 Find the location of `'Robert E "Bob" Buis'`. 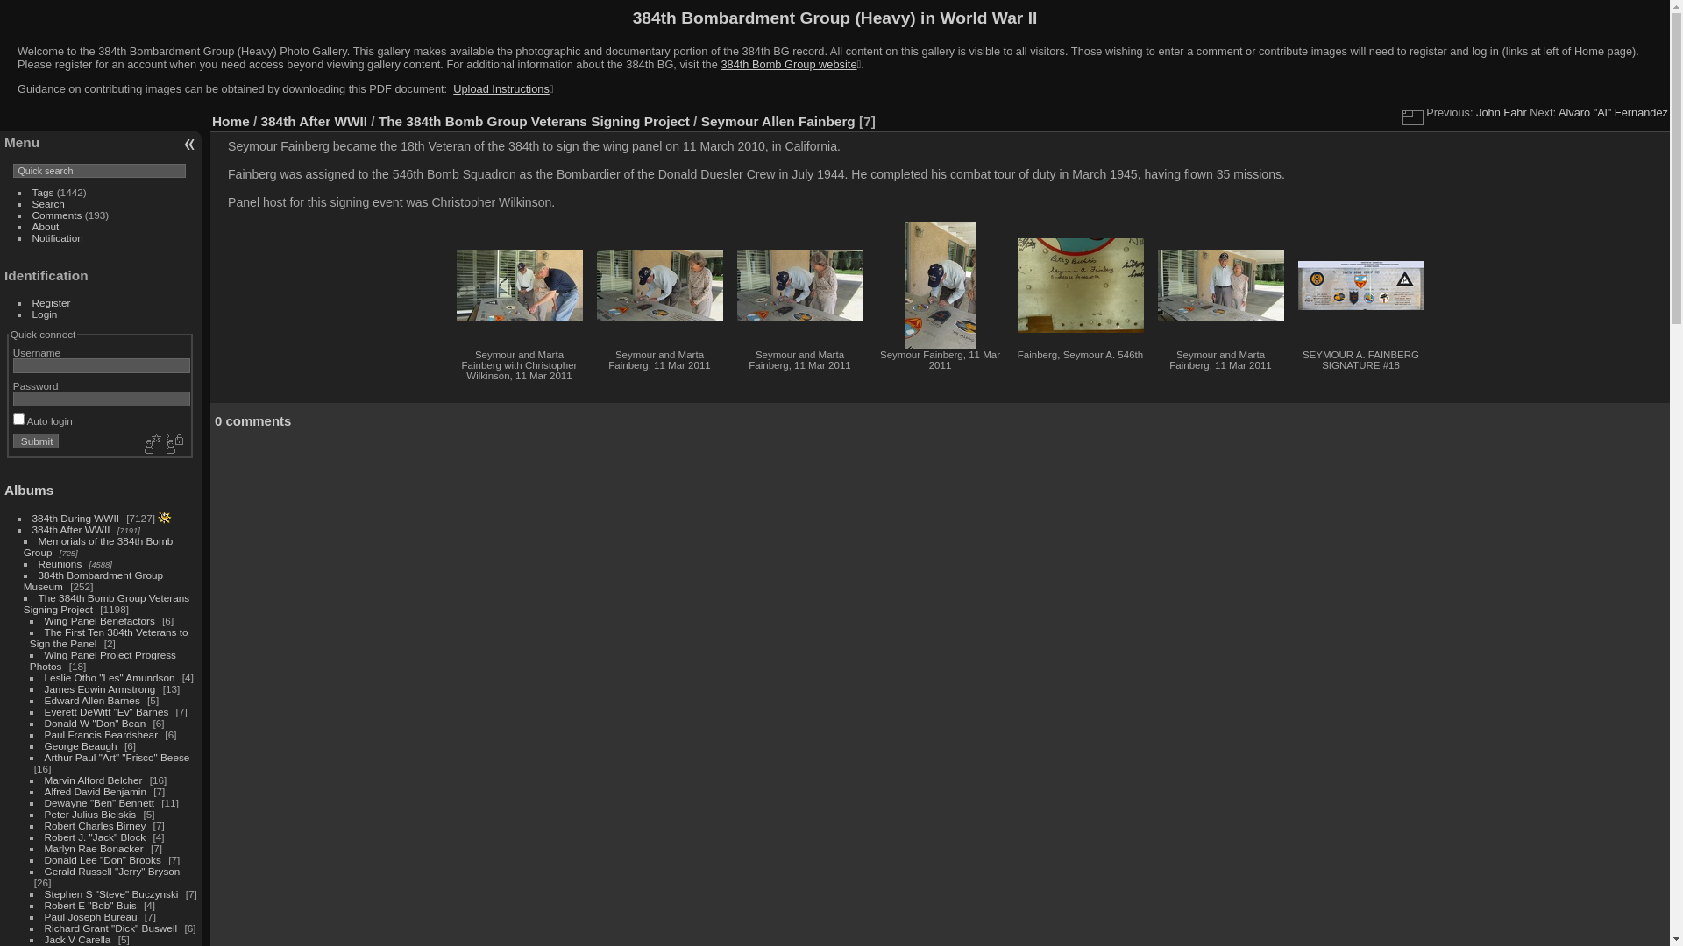

'Robert E "Bob" Buis' is located at coordinates (89, 905).